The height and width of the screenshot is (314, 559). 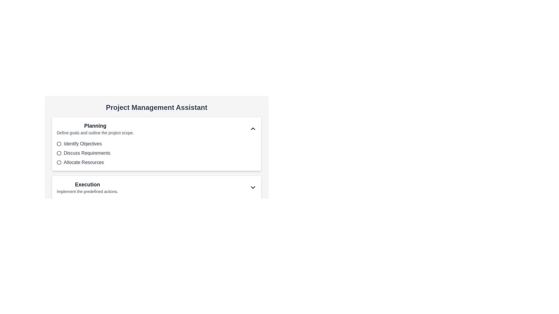 What do you see at coordinates (59, 163) in the screenshot?
I see `the unselected radio button for 'Allocate Resources'` at bounding box center [59, 163].